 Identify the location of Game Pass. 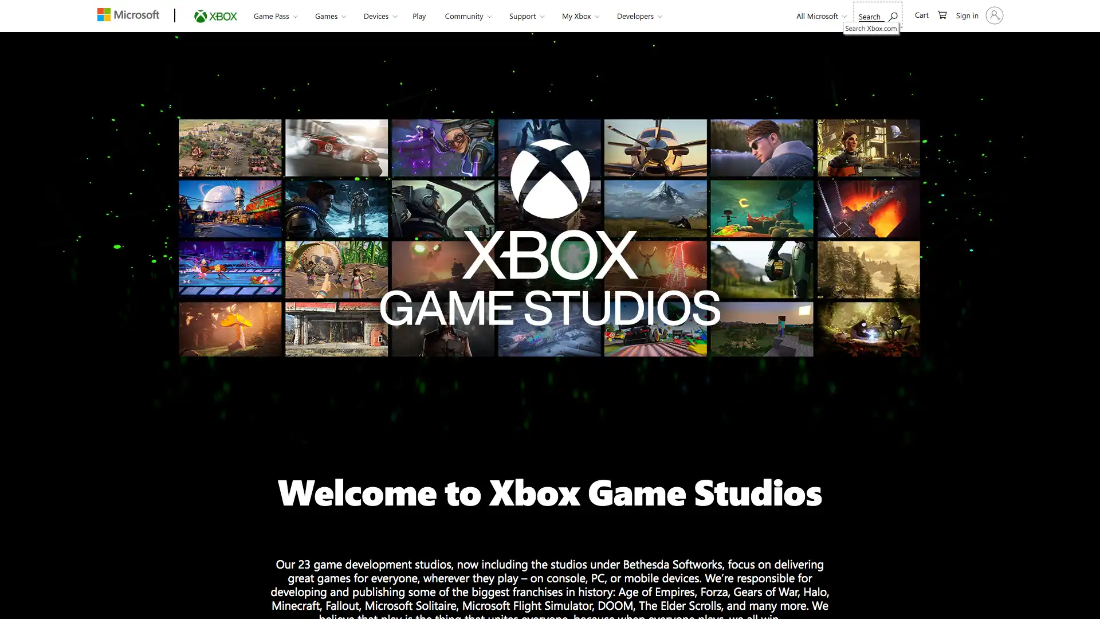
(275, 15).